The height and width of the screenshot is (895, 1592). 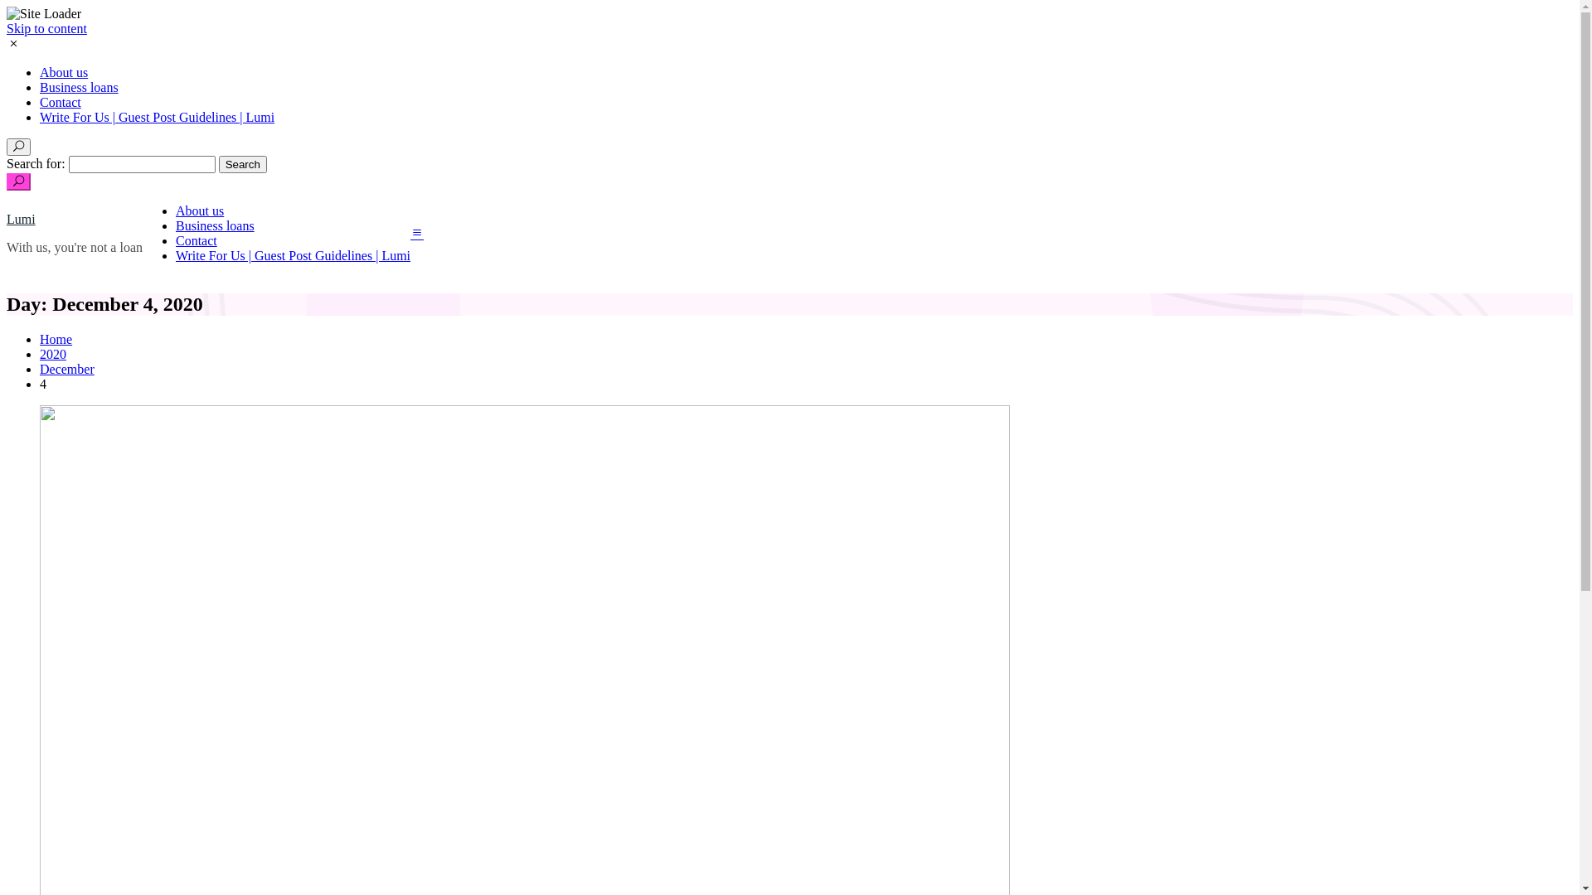 What do you see at coordinates (66, 368) in the screenshot?
I see `'December'` at bounding box center [66, 368].